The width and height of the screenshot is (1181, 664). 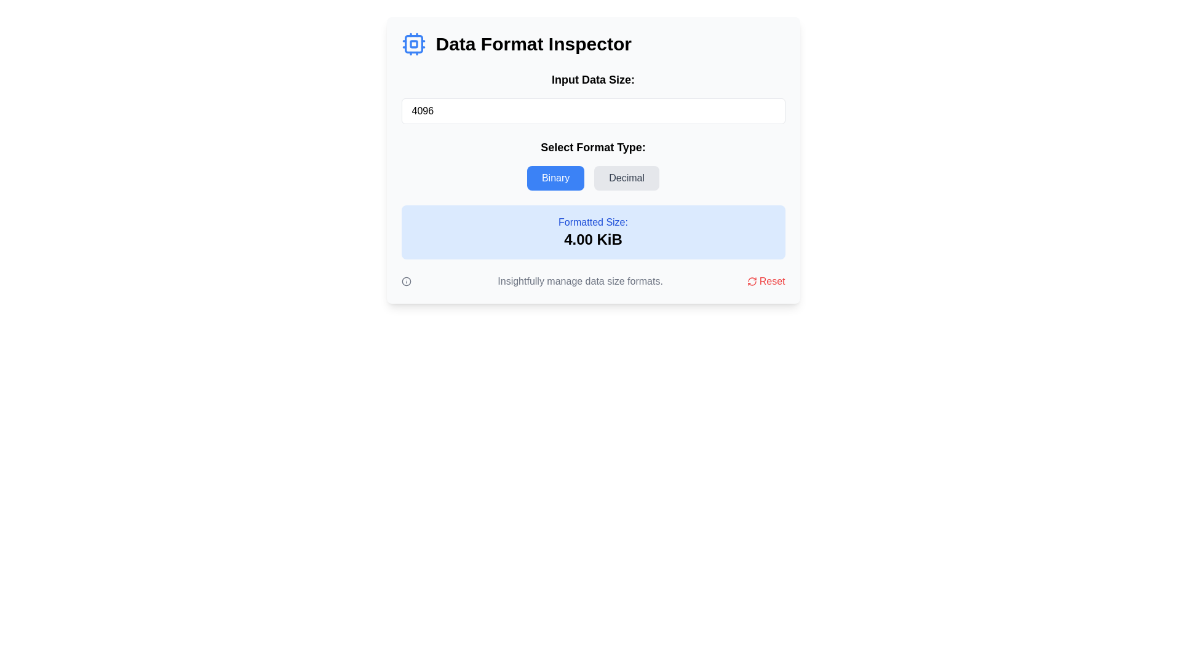 What do you see at coordinates (555, 178) in the screenshot?
I see `the leftmost button in the 'Select Format Type' section` at bounding box center [555, 178].